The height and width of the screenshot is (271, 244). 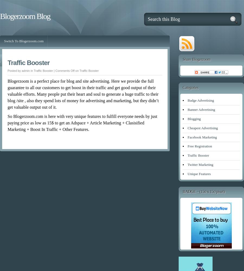 I want to click on 'Switch To Blogerzoom.com', so click(x=4, y=41).